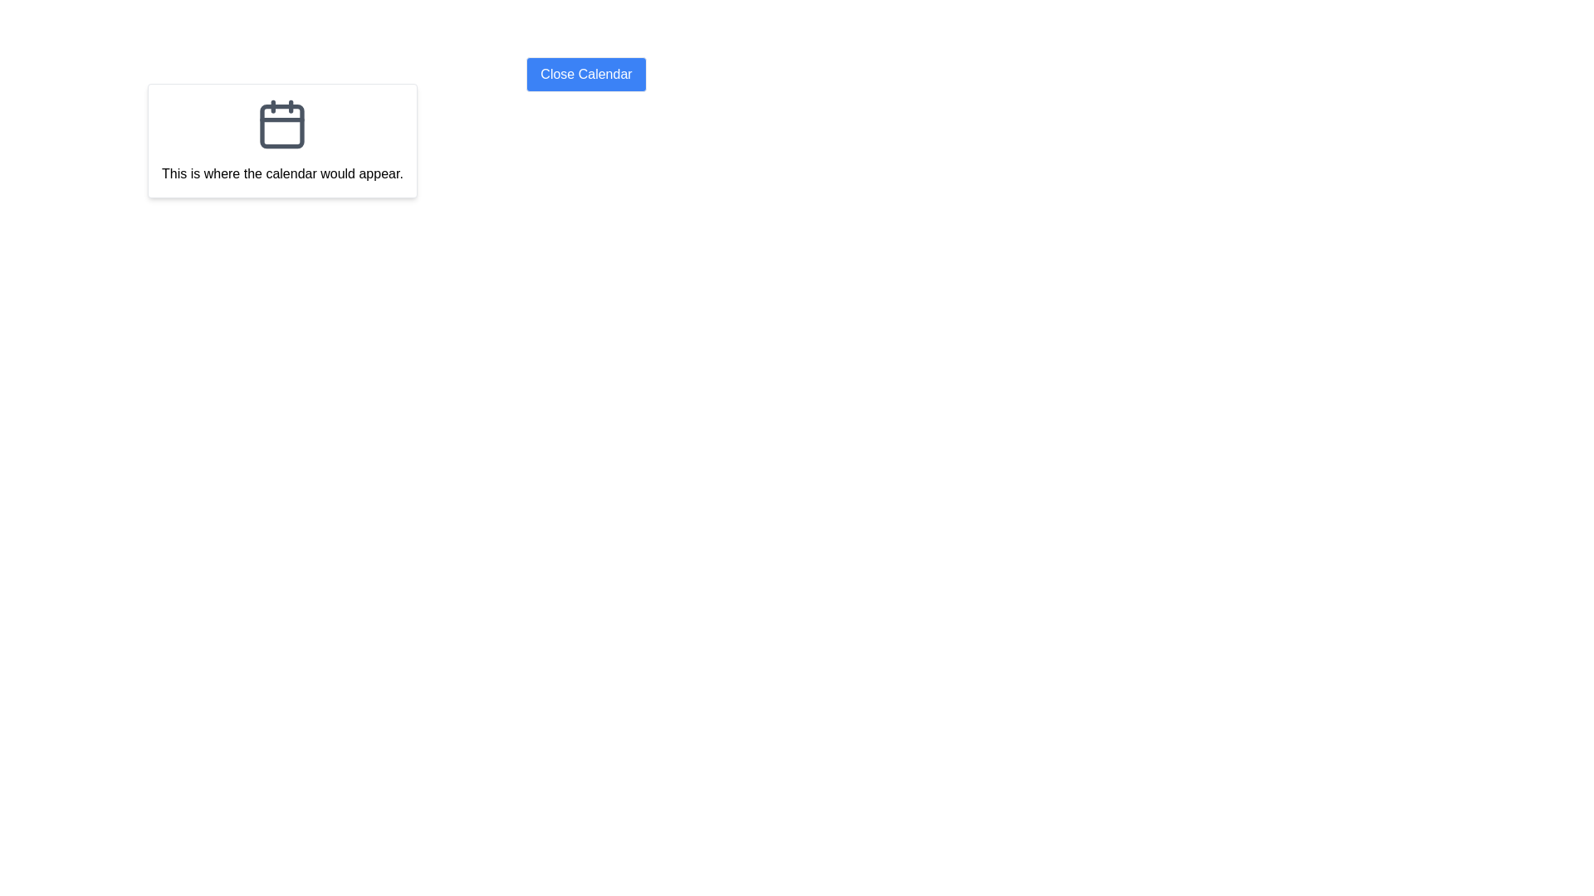 The image size is (1594, 896). I want to click on the informational panel with a calendar icon and the text stating 'This is where the calendar would appear.', located below the 'Close Calendar' button, so click(282, 139).